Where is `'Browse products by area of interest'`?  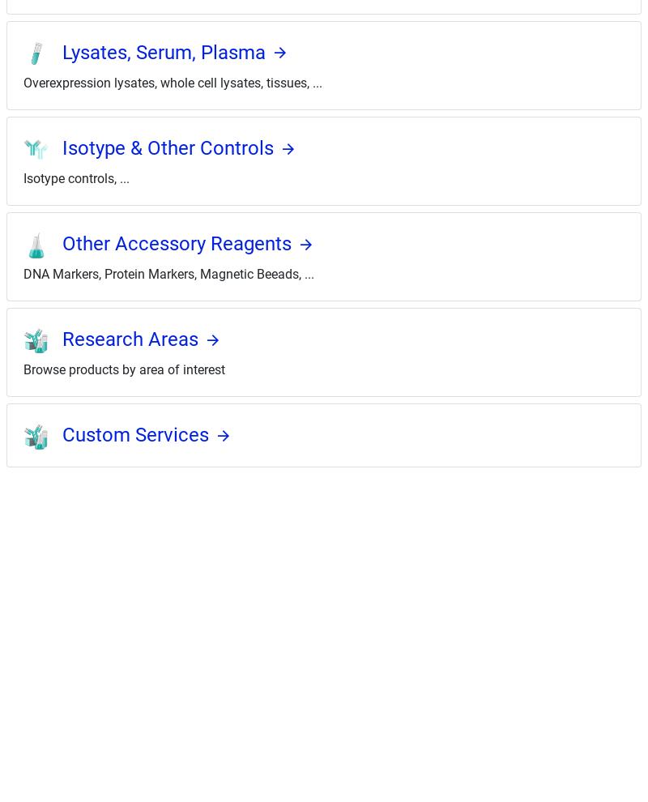
'Browse products by area of interest' is located at coordinates (124, 369).